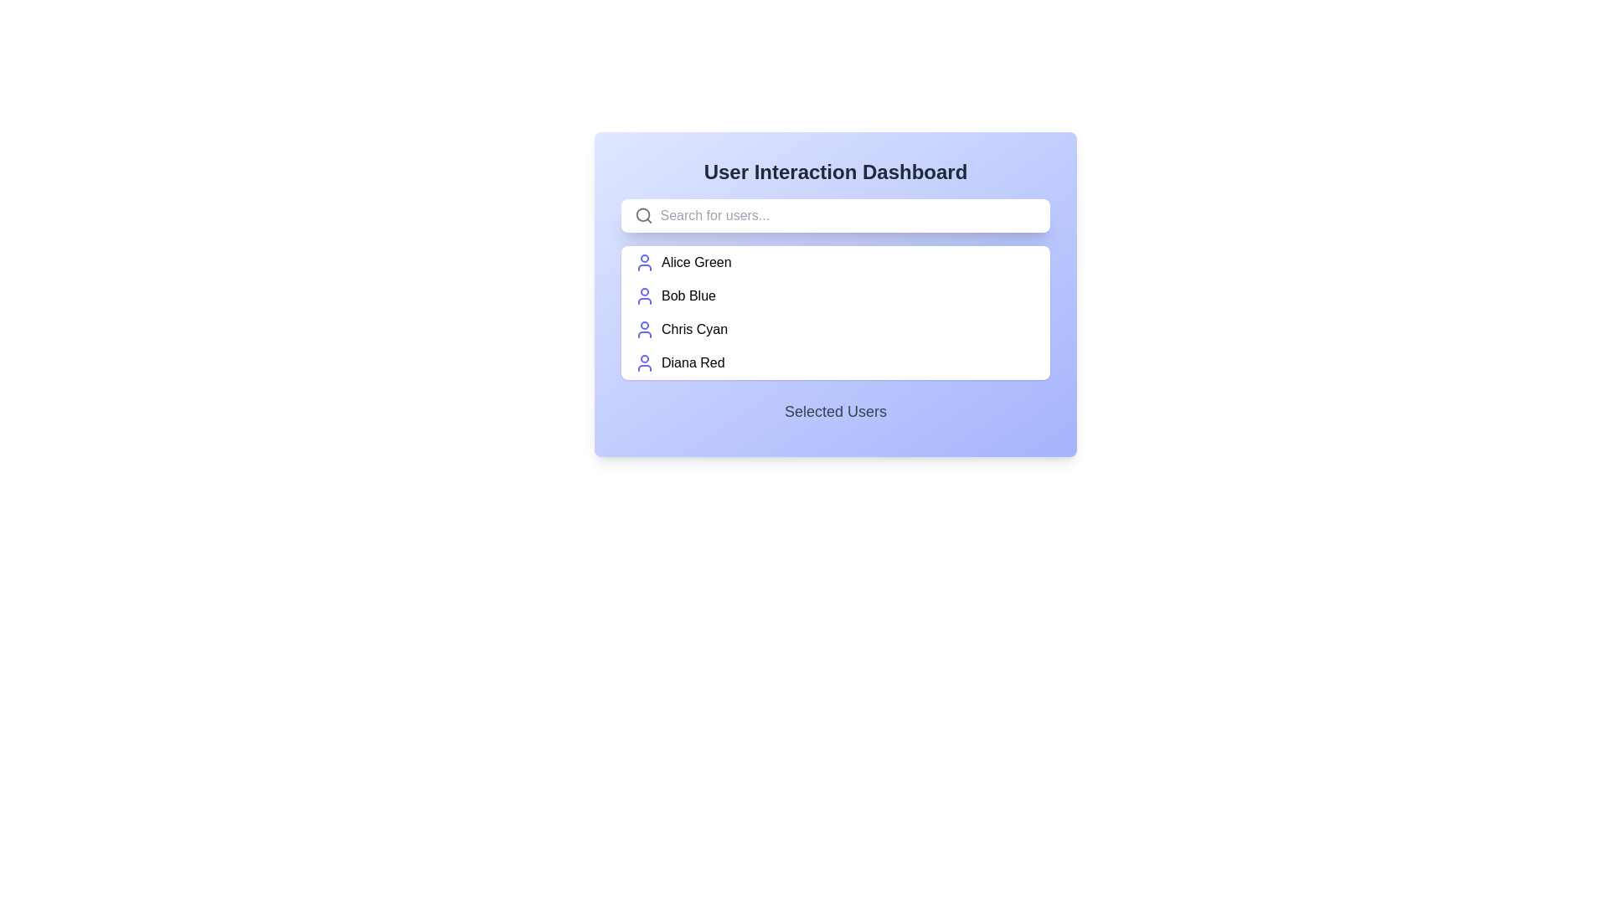 This screenshot has height=904, width=1608. I want to click on the text label that serves as a section title for selected users, located at the bottom of the card UI component, so click(836, 414).